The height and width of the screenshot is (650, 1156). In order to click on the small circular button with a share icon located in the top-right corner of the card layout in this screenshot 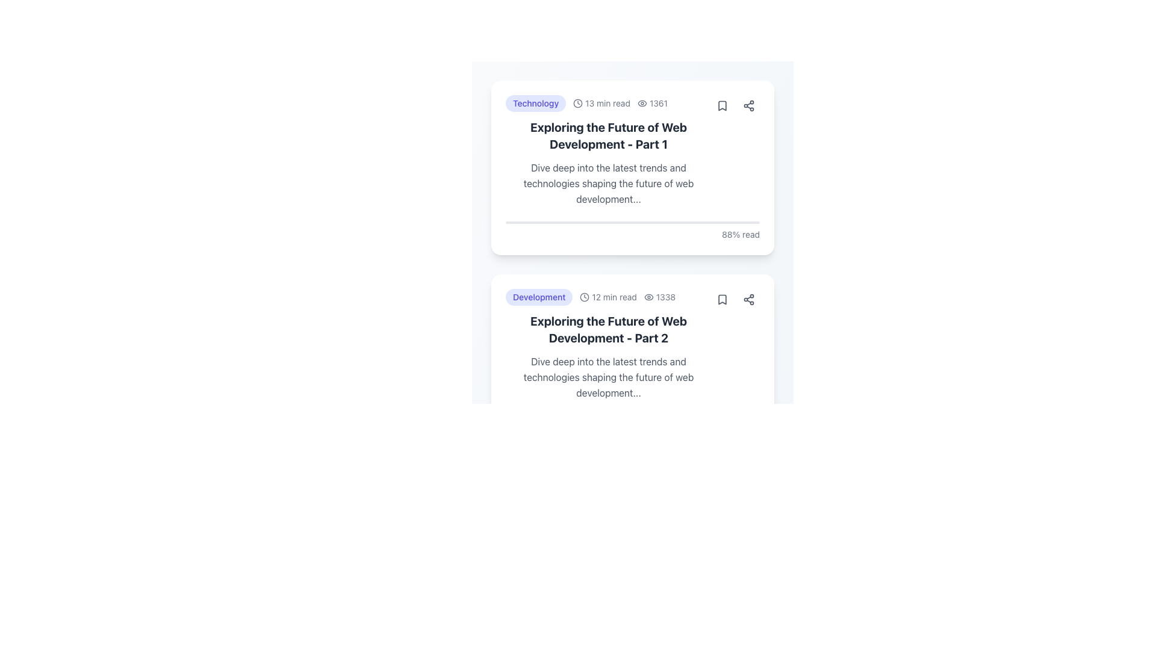, I will do `click(748, 105)`.